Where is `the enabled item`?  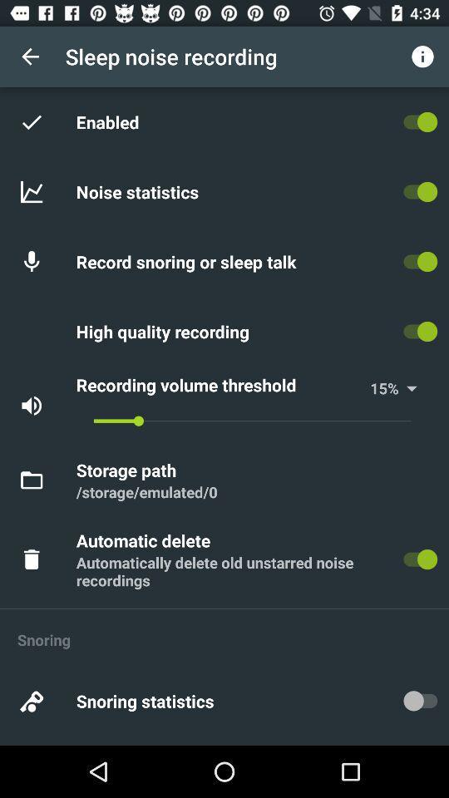
the enabled item is located at coordinates (111, 121).